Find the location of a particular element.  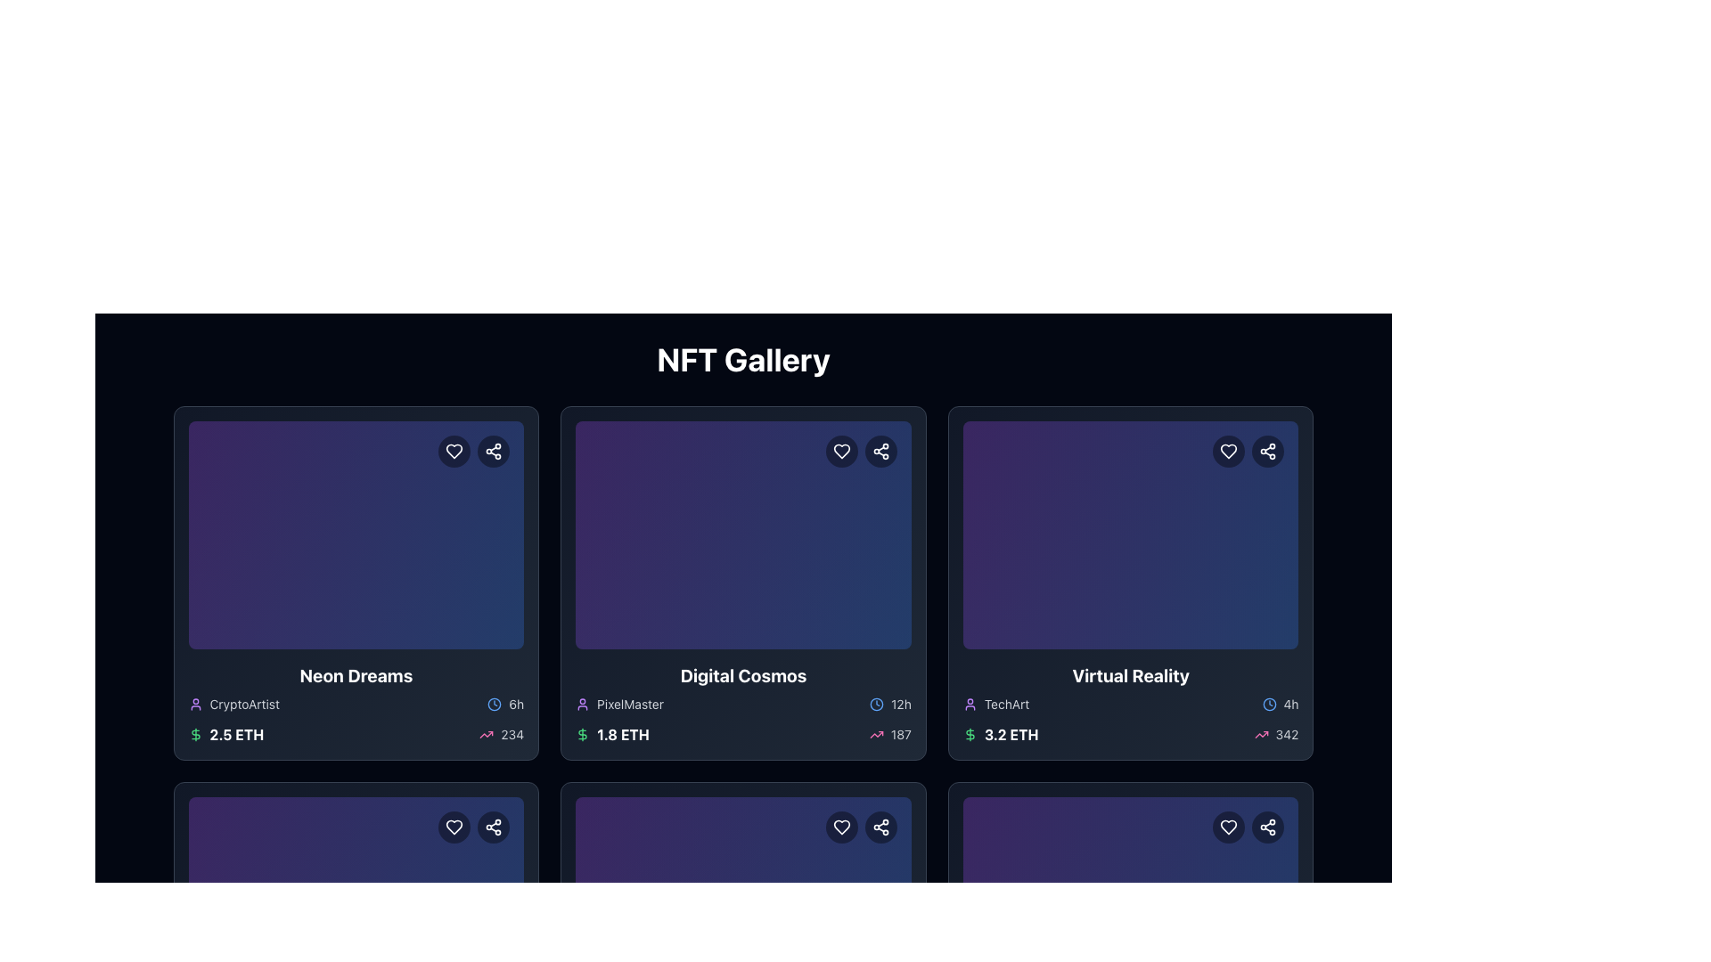

time-related value displayed in the Text label that shows '6 hours,' located immediately to the right of the clock icon under the 'Neon Dreams' card is located at coordinates (515, 703).